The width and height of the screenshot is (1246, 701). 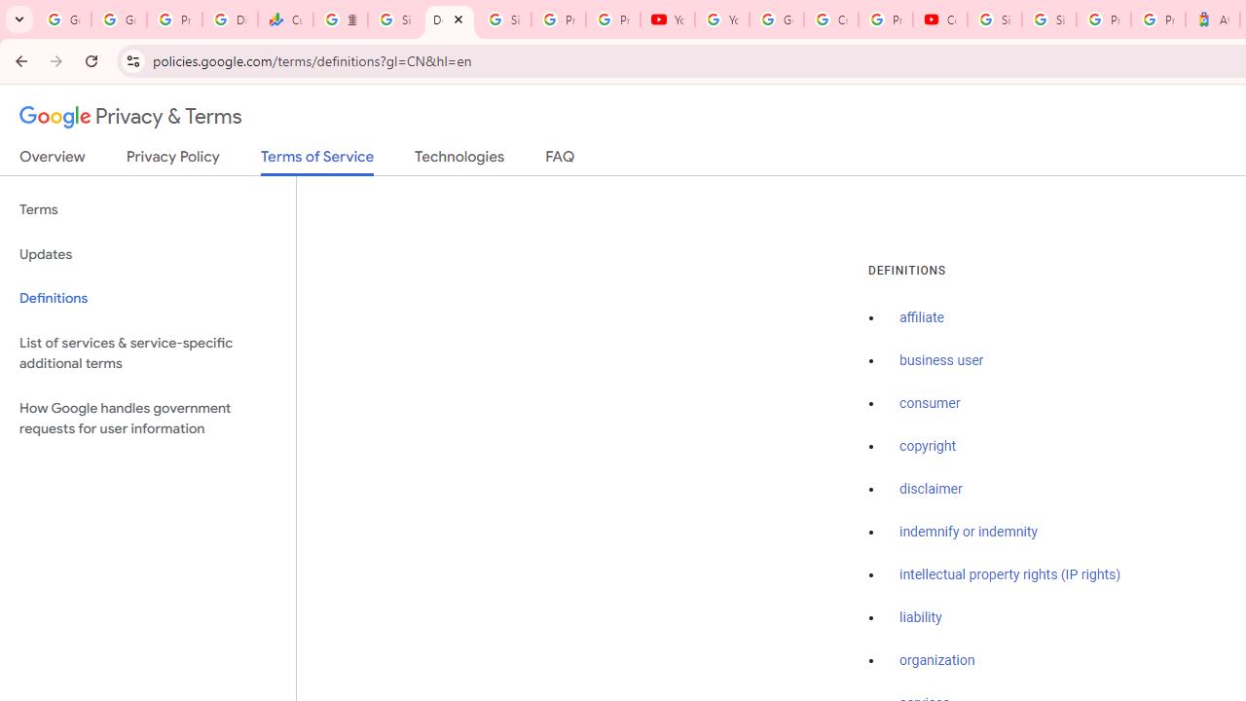 I want to click on 'List of services & service-specific additional terms', so click(x=147, y=352).